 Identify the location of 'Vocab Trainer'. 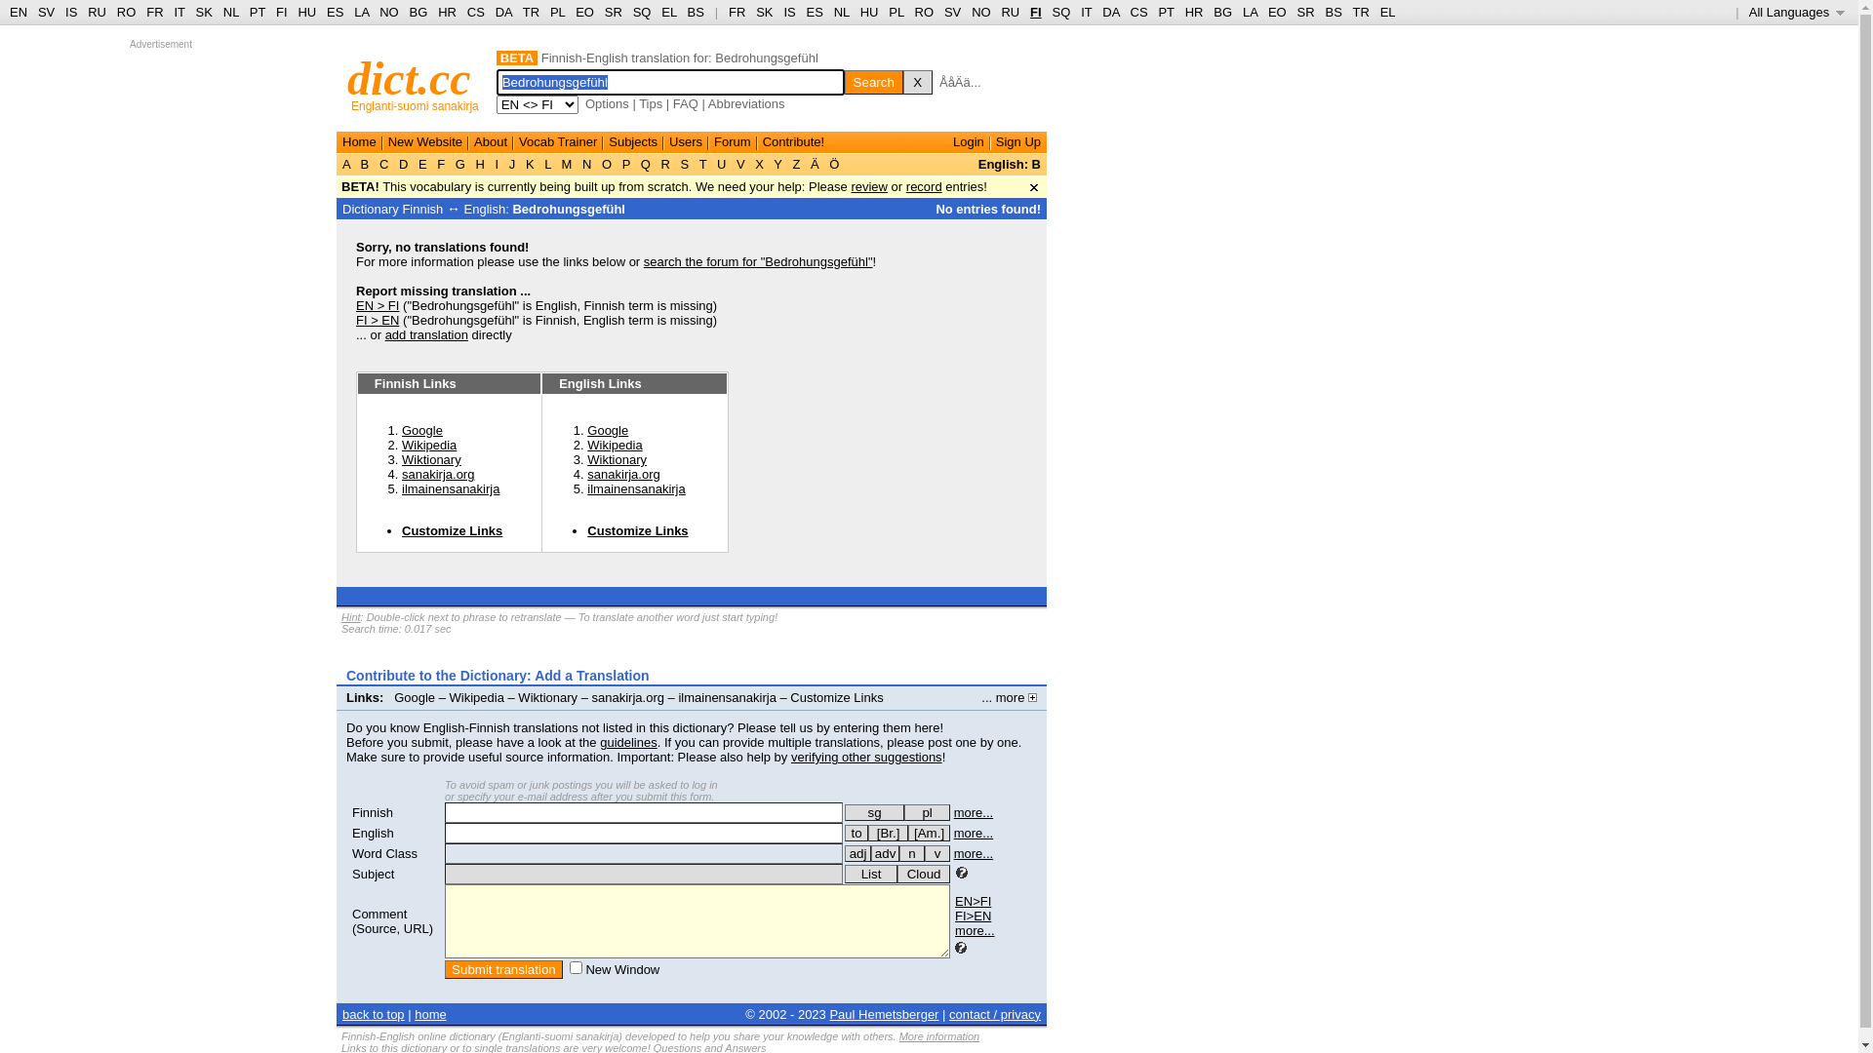
(556, 140).